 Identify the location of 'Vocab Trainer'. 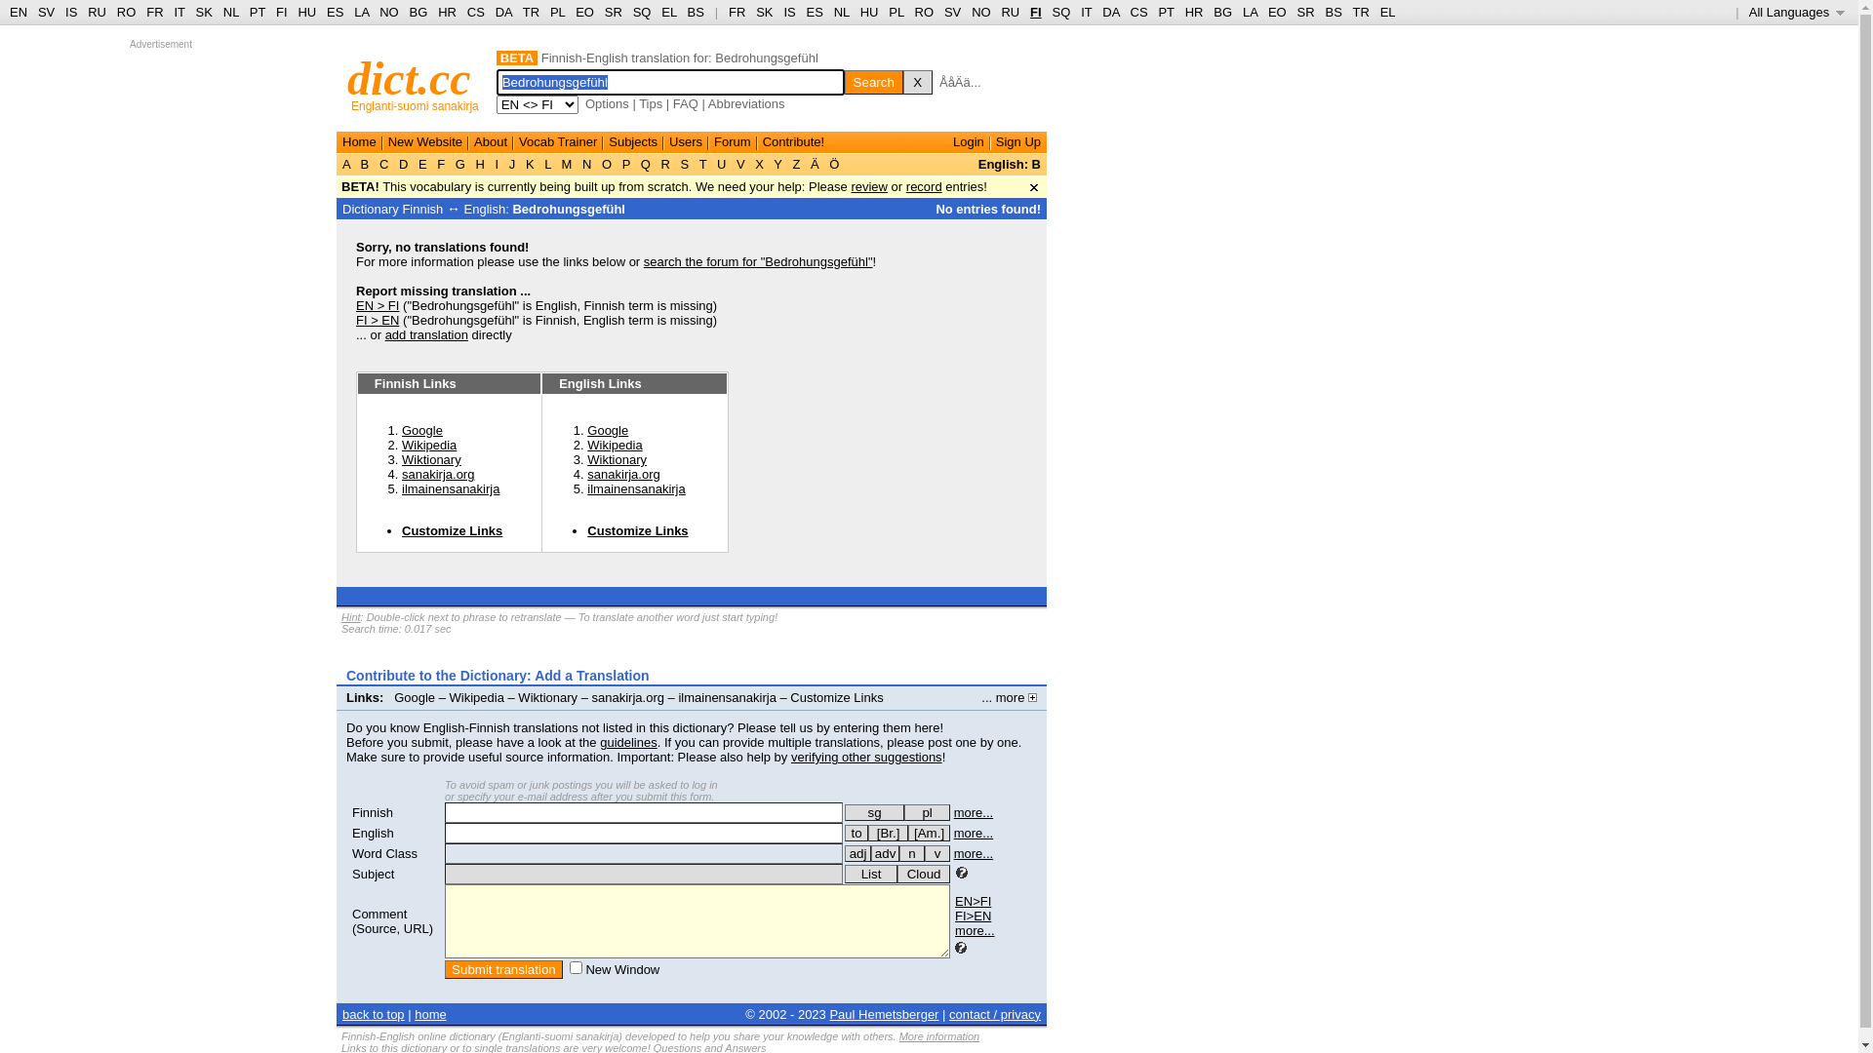
(556, 140).